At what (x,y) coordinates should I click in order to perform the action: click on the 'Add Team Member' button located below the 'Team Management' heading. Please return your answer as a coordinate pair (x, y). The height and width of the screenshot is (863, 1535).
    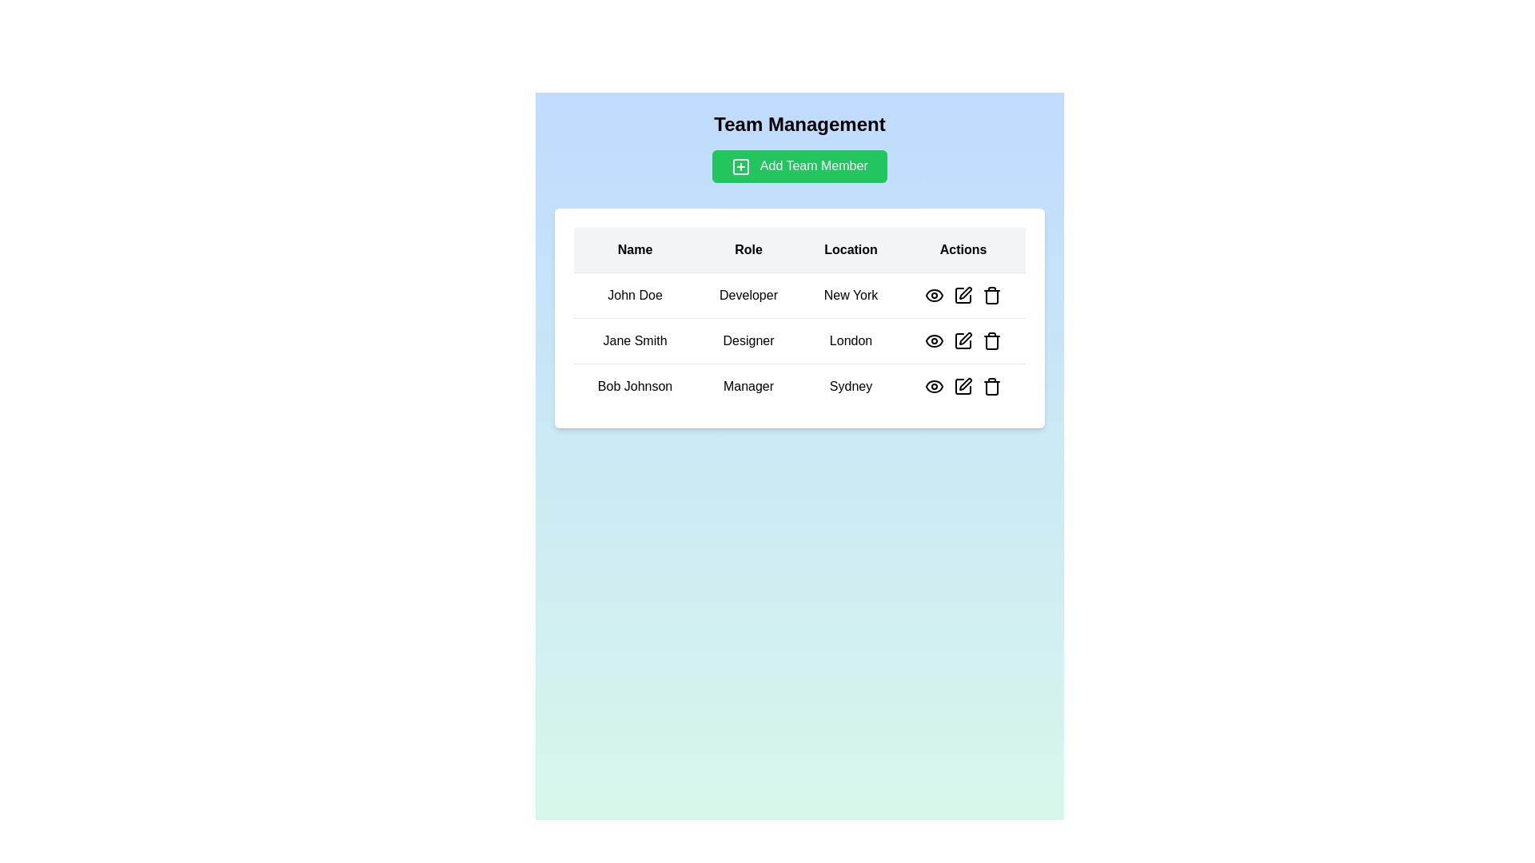
    Looking at the image, I should click on (799, 166).